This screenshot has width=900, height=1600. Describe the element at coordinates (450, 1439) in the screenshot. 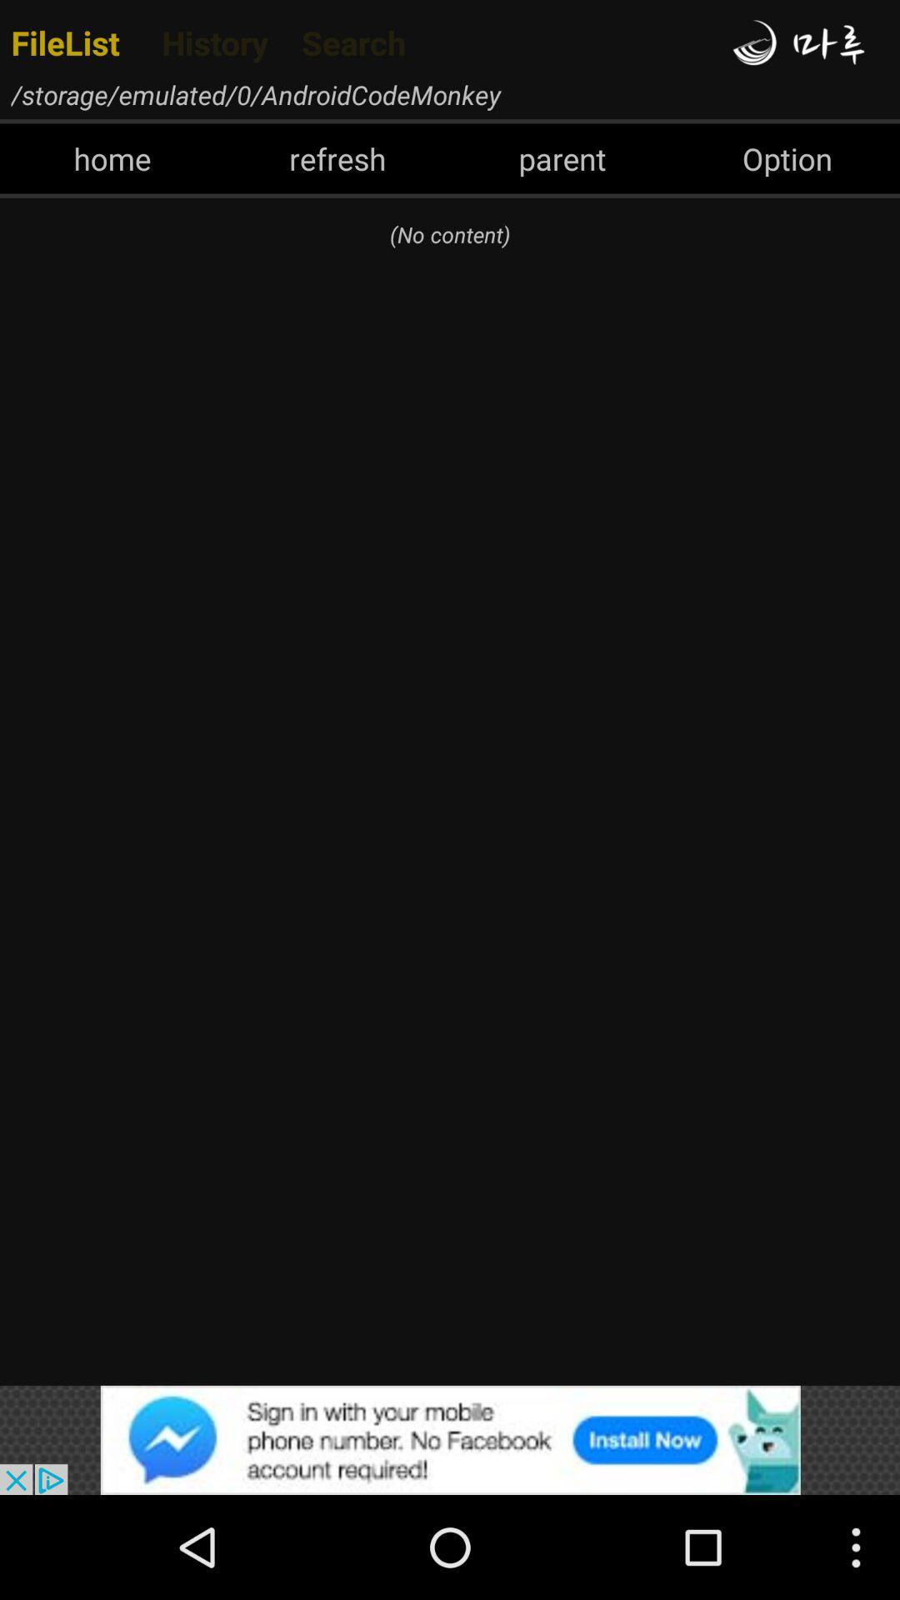

I see `advertisement` at that location.